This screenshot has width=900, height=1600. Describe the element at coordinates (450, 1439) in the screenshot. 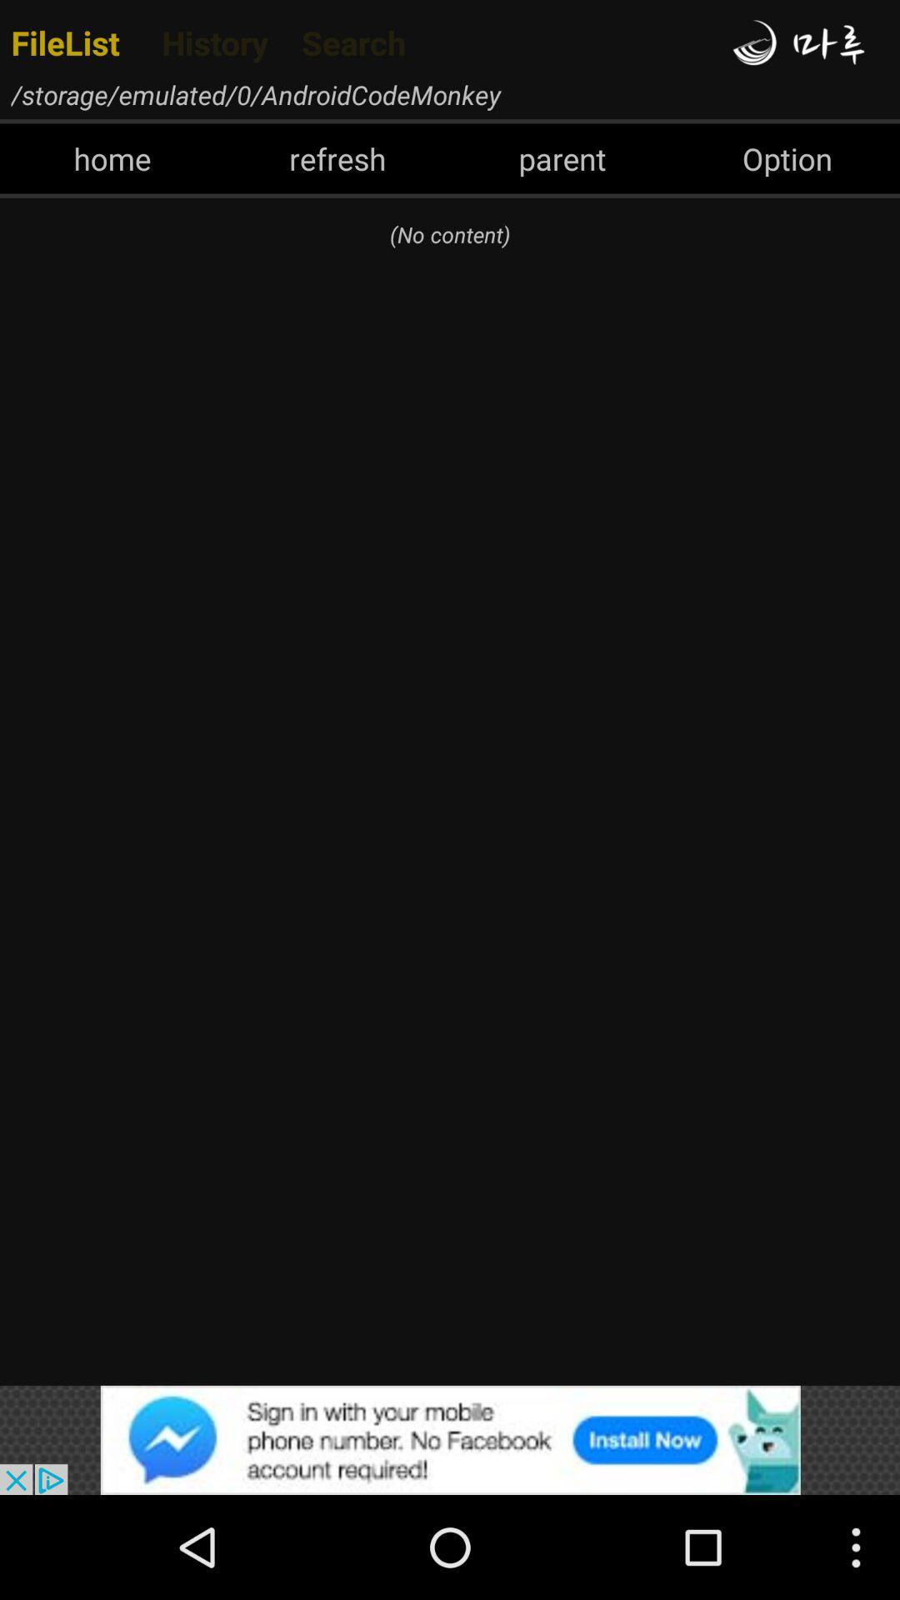

I see `advertisement` at that location.